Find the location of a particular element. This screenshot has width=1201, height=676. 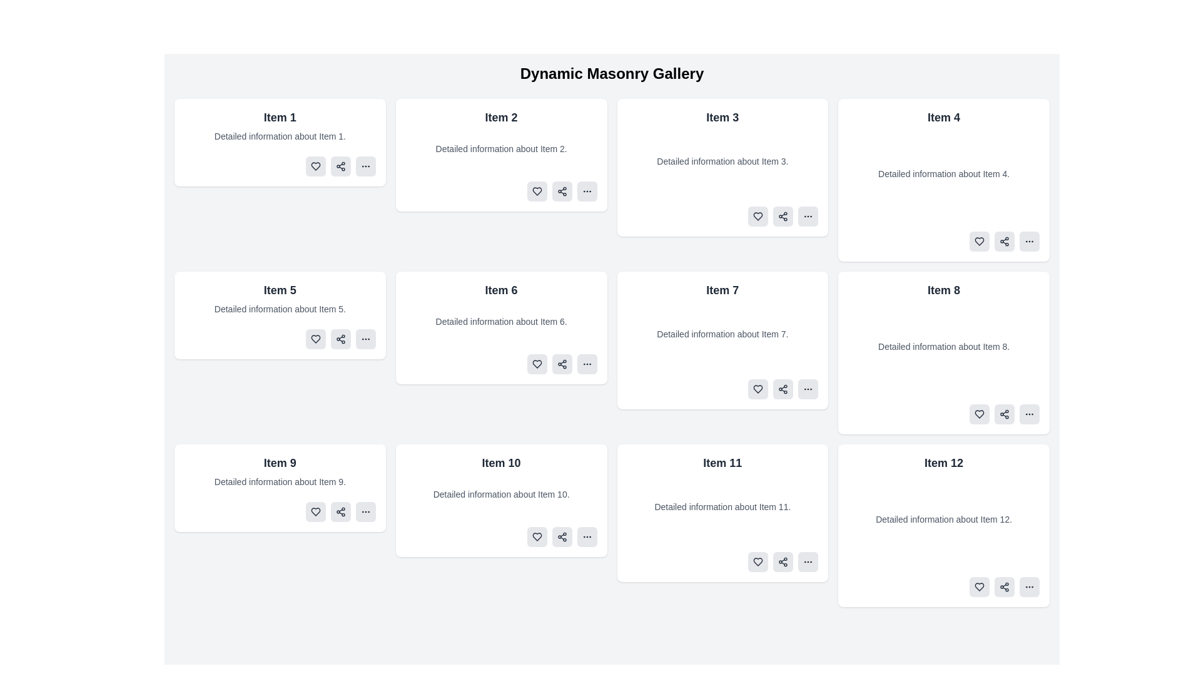

the heart-shaped icon button located within the 'Item 10' card in the third row, second column of the masonry grid is located at coordinates (537, 536).